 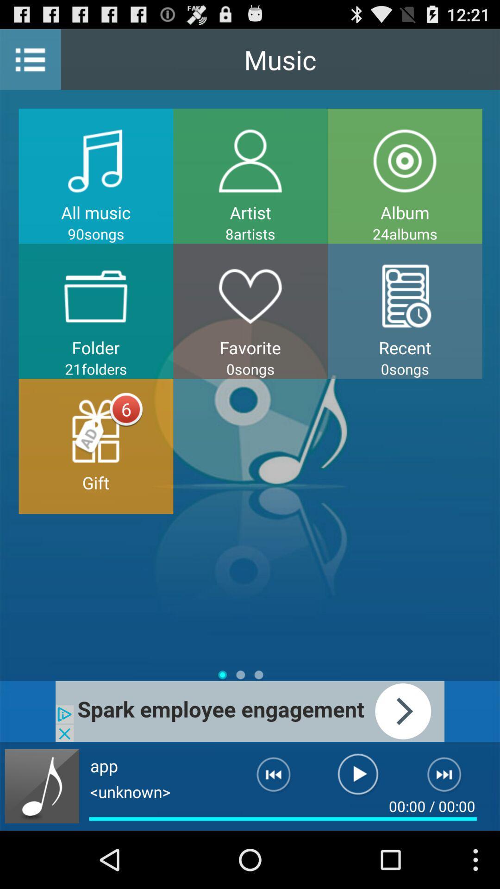 I want to click on choose song, so click(x=42, y=786).